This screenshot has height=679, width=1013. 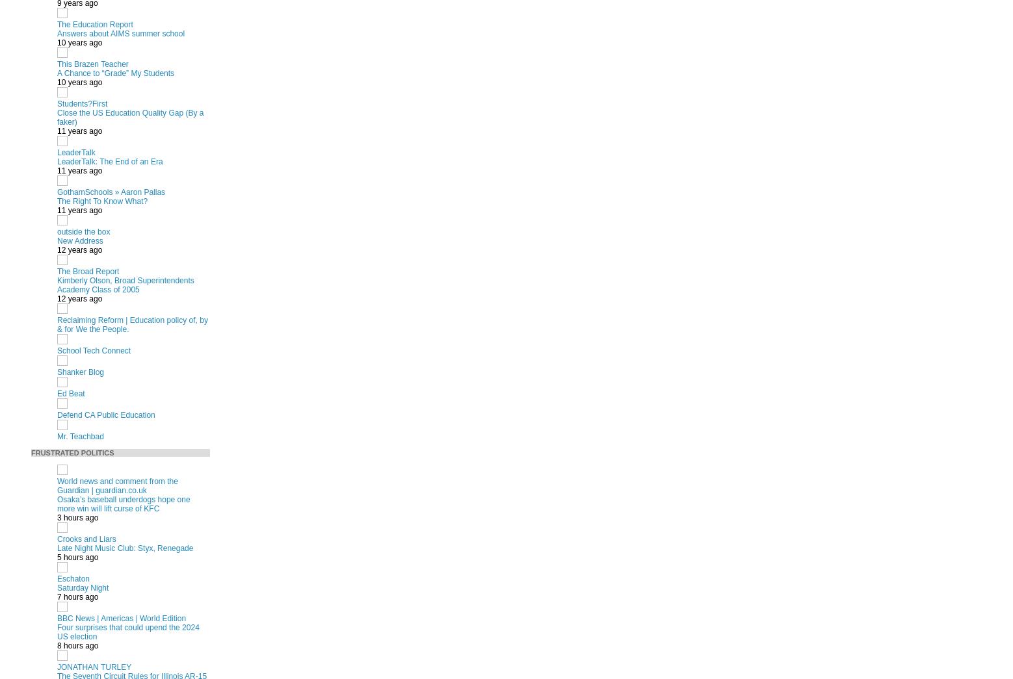 What do you see at coordinates (57, 160) in the screenshot?
I see `'LeaderTalk: The End of an Era'` at bounding box center [57, 160].